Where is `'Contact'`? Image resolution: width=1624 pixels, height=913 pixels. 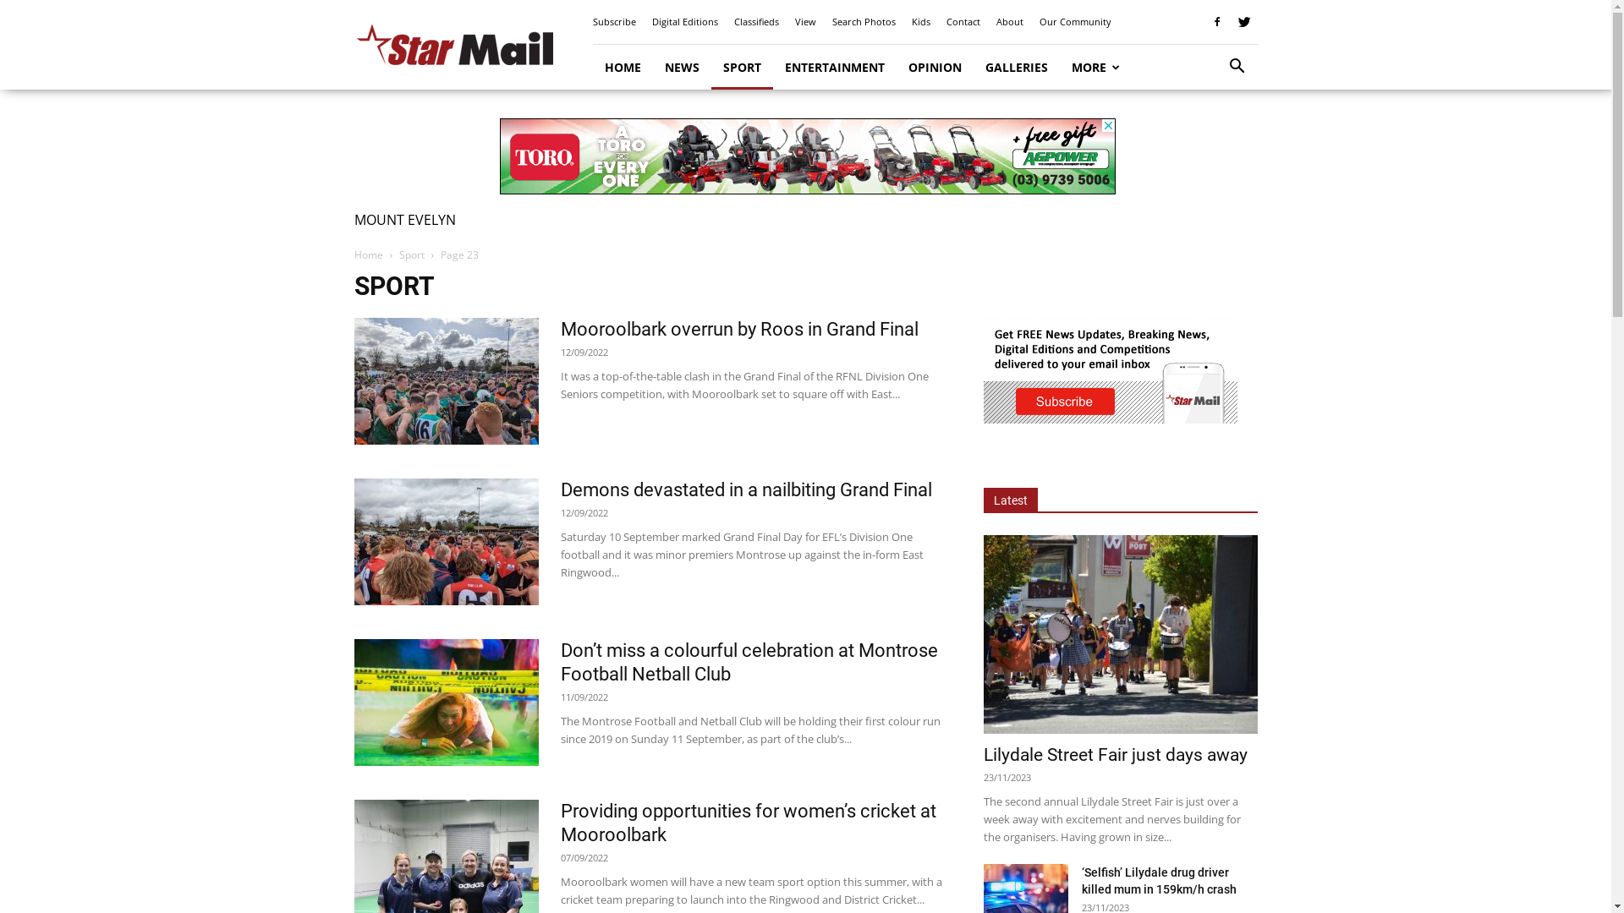 'Contact' is located at coordinates (962, 21).